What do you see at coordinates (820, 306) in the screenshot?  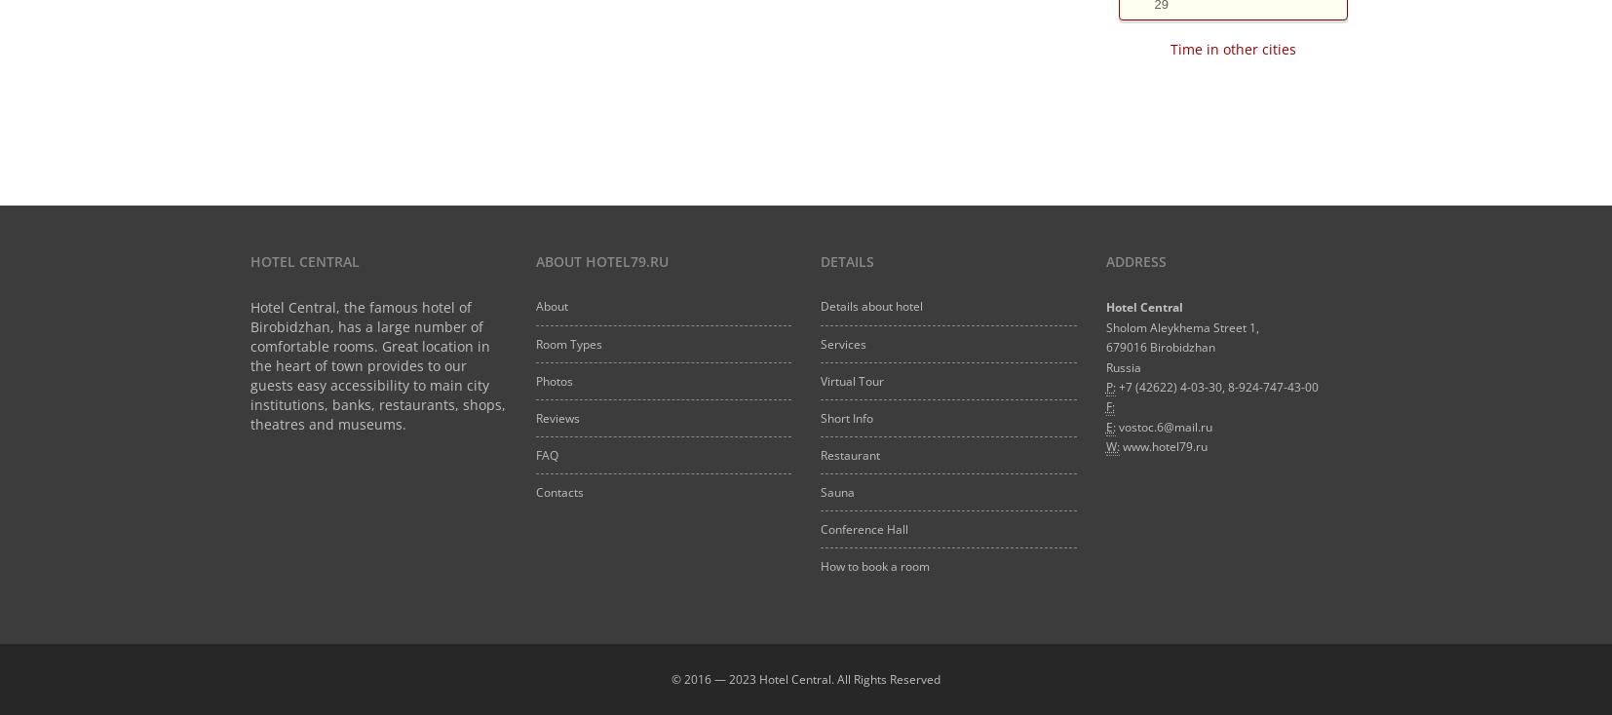 I see `'Details about hotel'` at bounding box center [820, 306].